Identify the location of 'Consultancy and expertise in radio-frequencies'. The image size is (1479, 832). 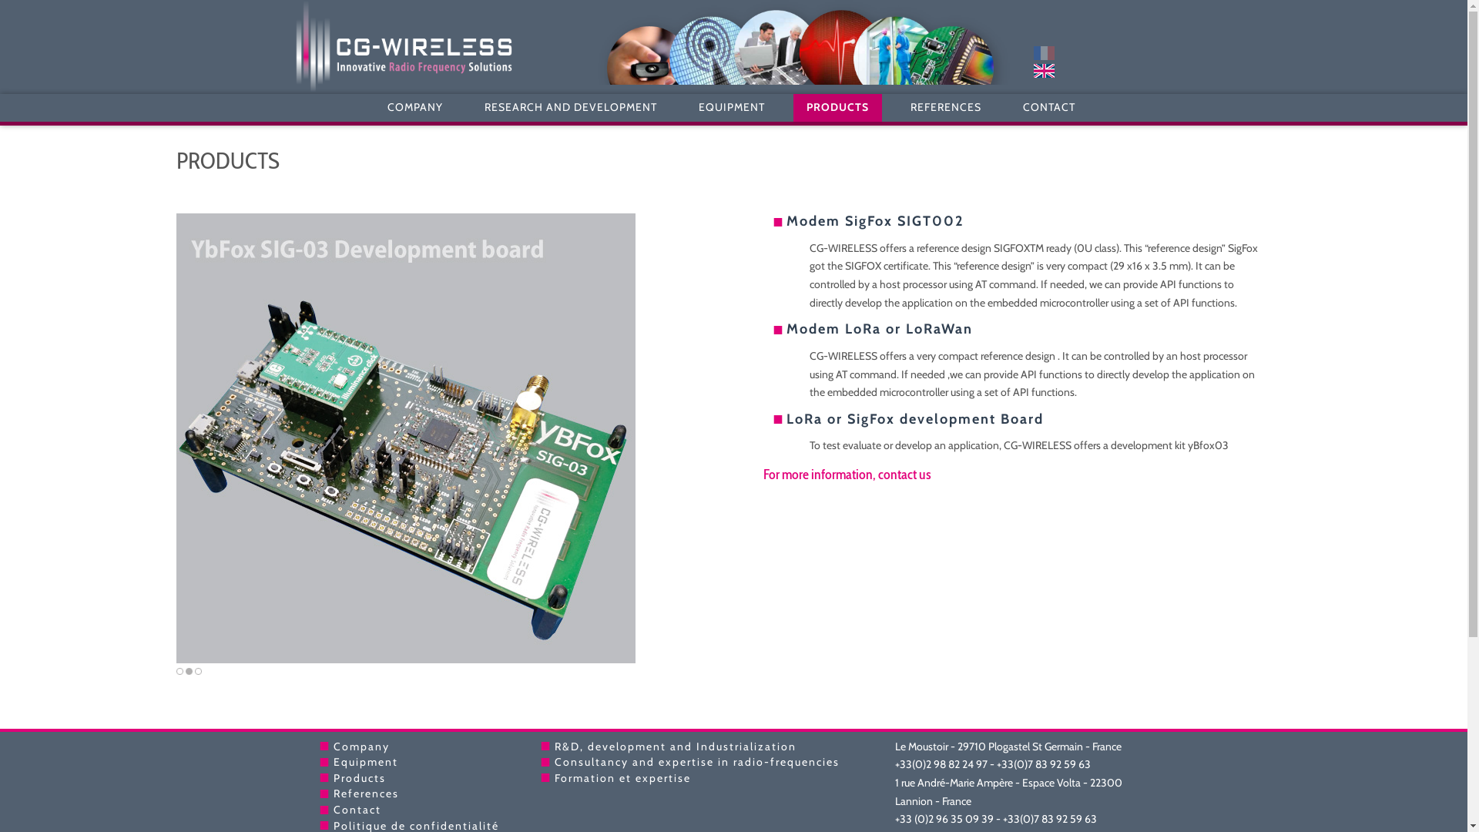
(555, 760).